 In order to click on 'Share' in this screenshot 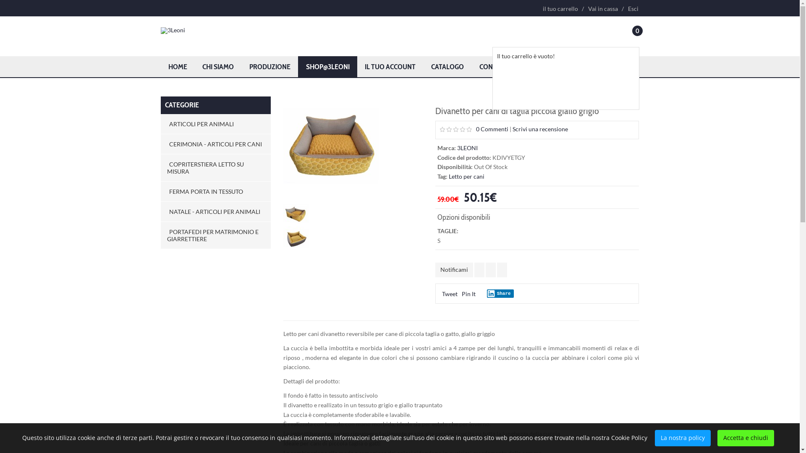, I will do `click(487, 293)`.